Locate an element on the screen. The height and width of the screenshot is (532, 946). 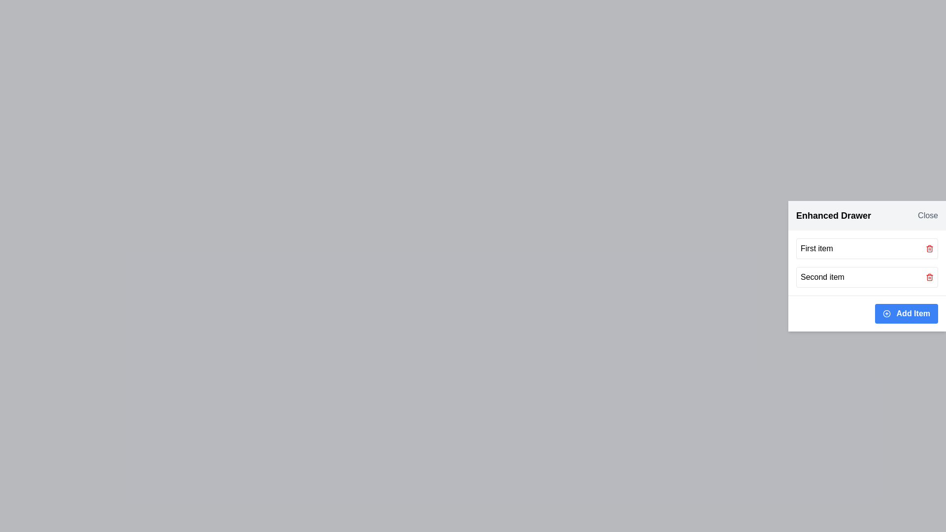
the circular icon with a plus sign located to the left of the 'Add Item' button is located at coordinates (886, 314).